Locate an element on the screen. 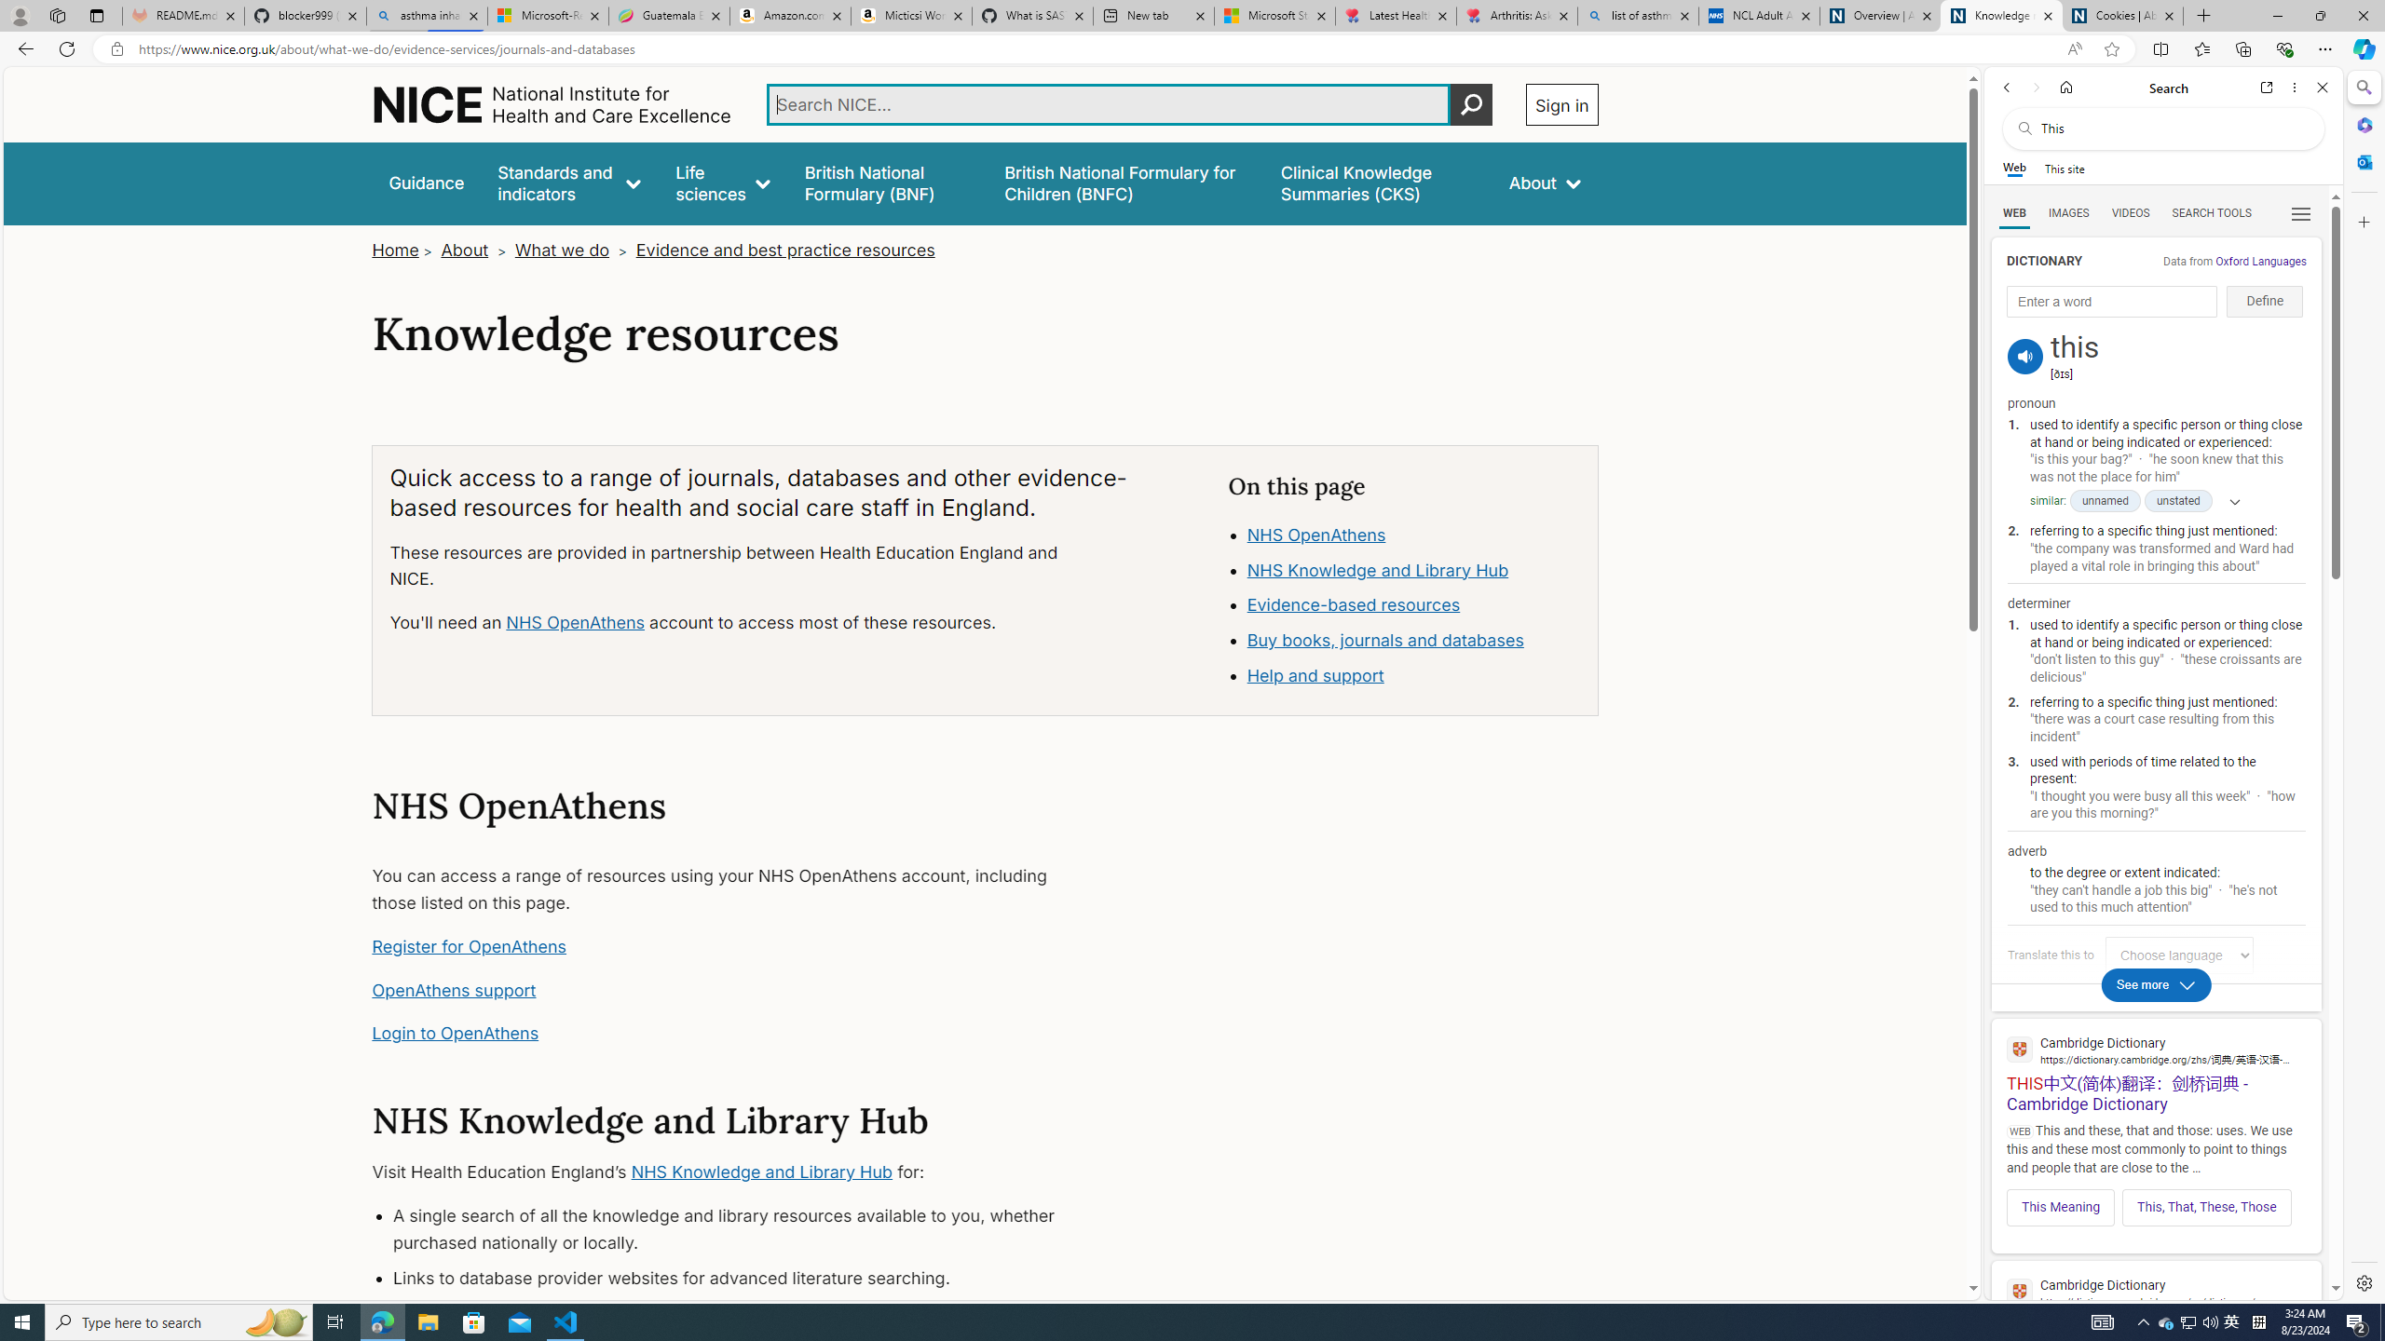 The height and width of the screenshot is (1341, 2385). 'This, That, These, Those' is located at coordinates (2206, 1206).